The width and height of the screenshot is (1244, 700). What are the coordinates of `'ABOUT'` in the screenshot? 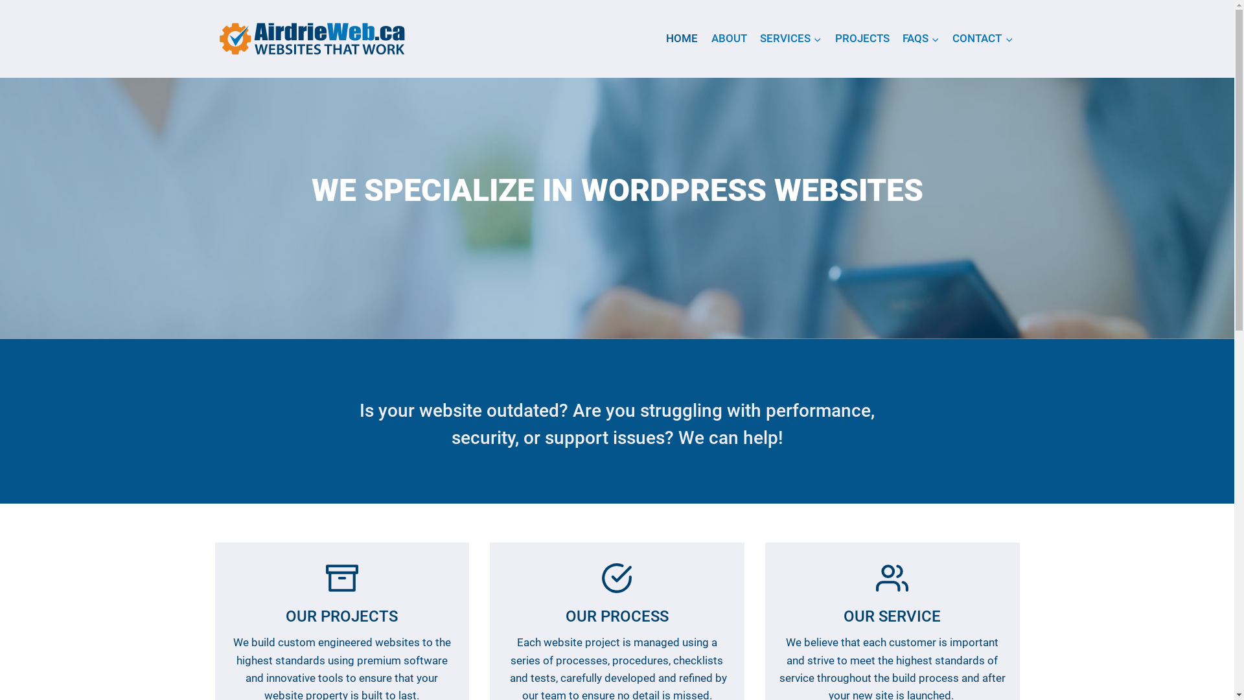 It's located at (729, 38).